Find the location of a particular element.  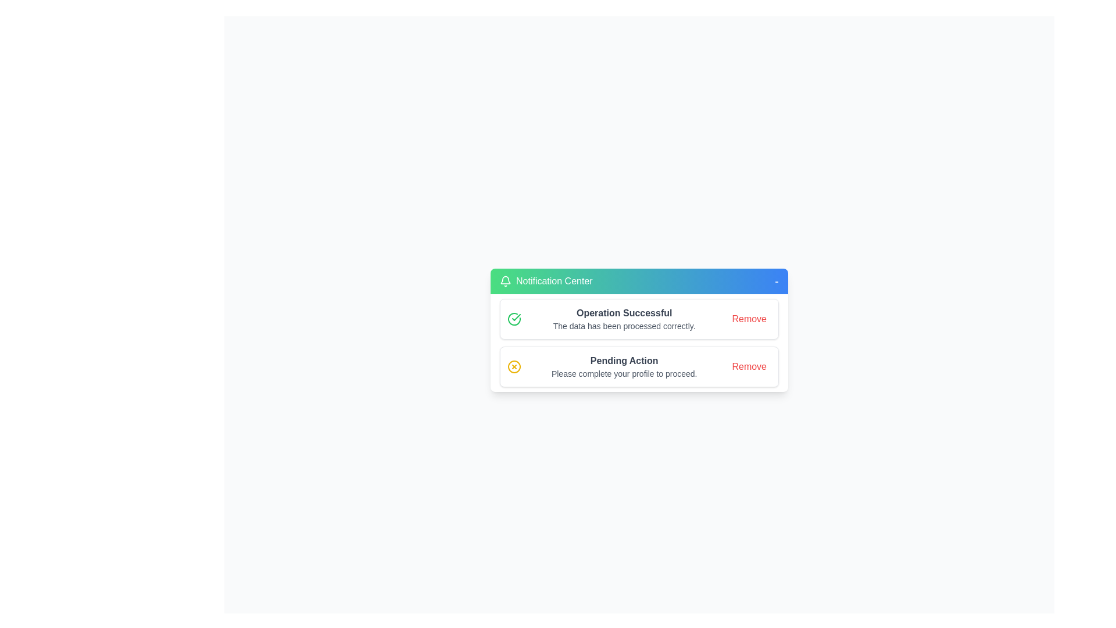

the static text display that contains the bold title 'Pending Action' and the description 'Please complete your profile to proceed.' is located at coordinates (624, 367).